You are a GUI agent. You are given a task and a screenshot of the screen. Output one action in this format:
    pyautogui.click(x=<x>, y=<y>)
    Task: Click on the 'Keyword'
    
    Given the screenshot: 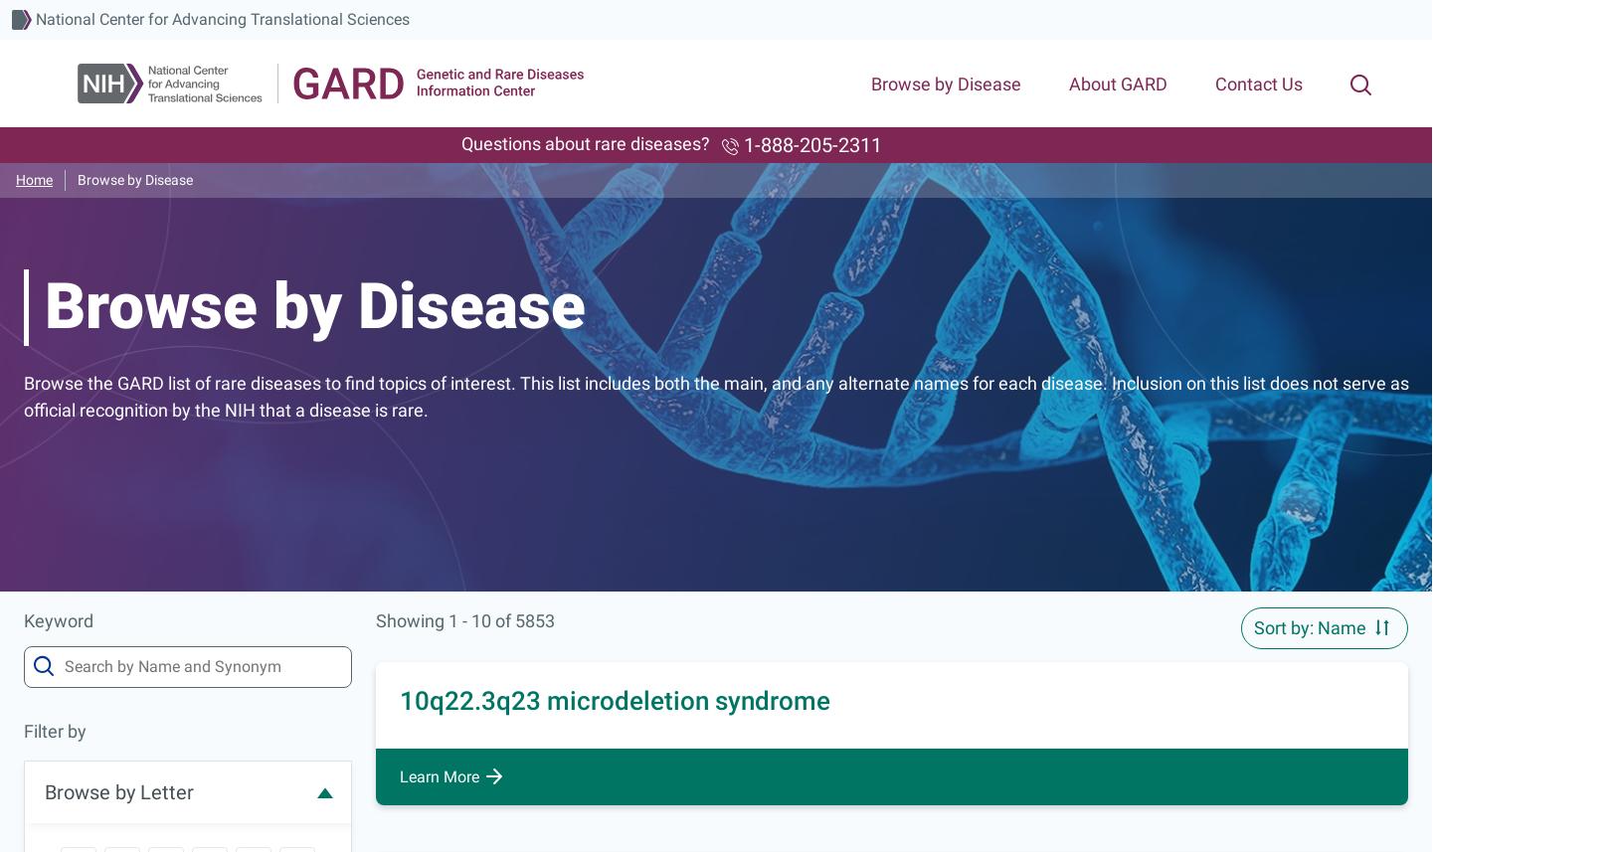 What is the action you would take?
    pyautogui.click(x=58, y=620)
    